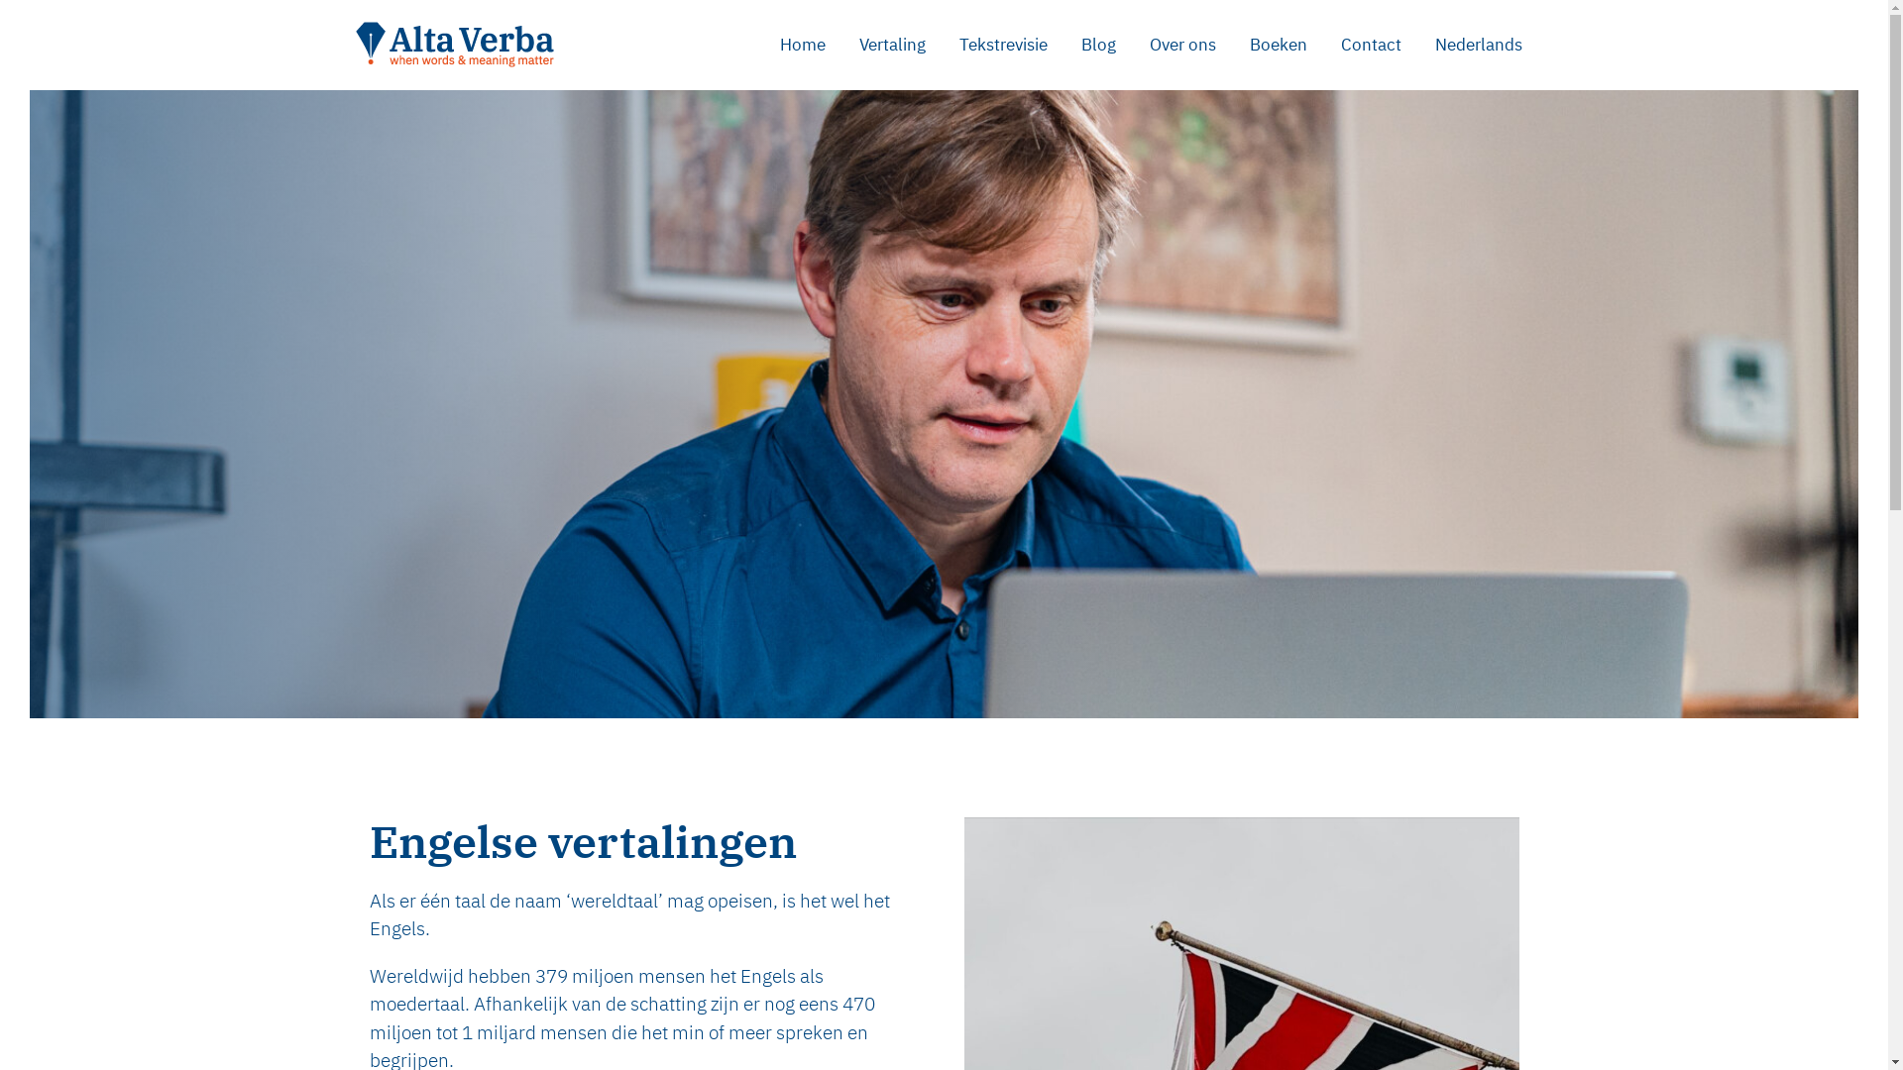 The height and width of the screenshot is (1070, 1903). Describe the element at coordinates (1181, 45) in the screenshot. I see `'Over ons'` at that location.